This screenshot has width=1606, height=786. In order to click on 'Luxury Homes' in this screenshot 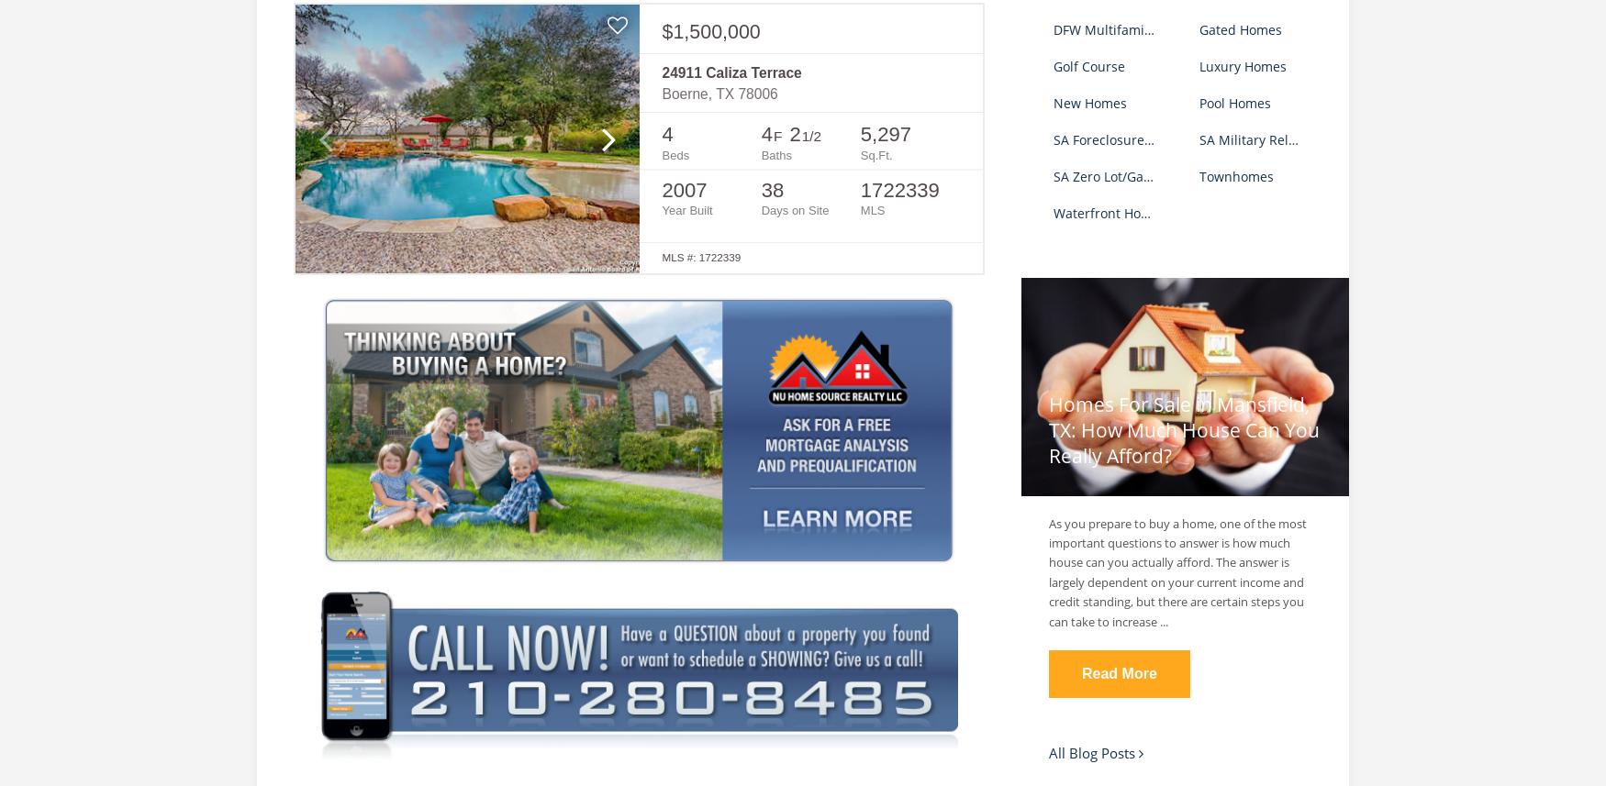, I will do `click(1242, 64)`.